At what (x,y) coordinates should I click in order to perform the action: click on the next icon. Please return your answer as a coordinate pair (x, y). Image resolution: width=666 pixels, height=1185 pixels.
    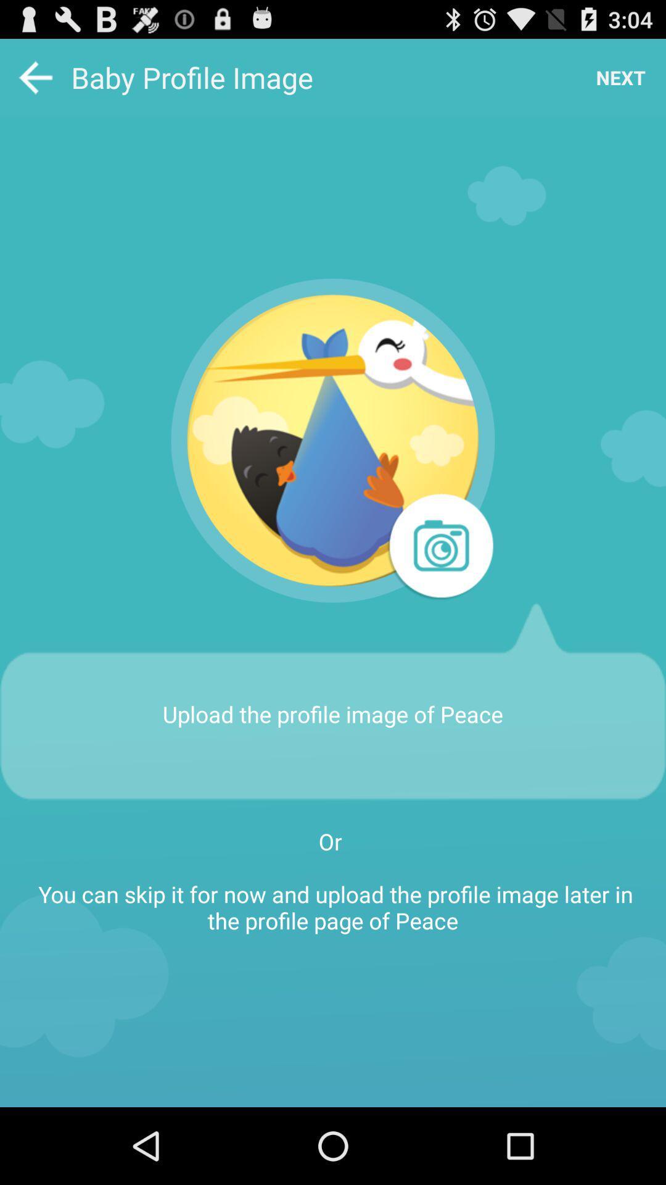
    Looking at the image, I should click on (620, 77).